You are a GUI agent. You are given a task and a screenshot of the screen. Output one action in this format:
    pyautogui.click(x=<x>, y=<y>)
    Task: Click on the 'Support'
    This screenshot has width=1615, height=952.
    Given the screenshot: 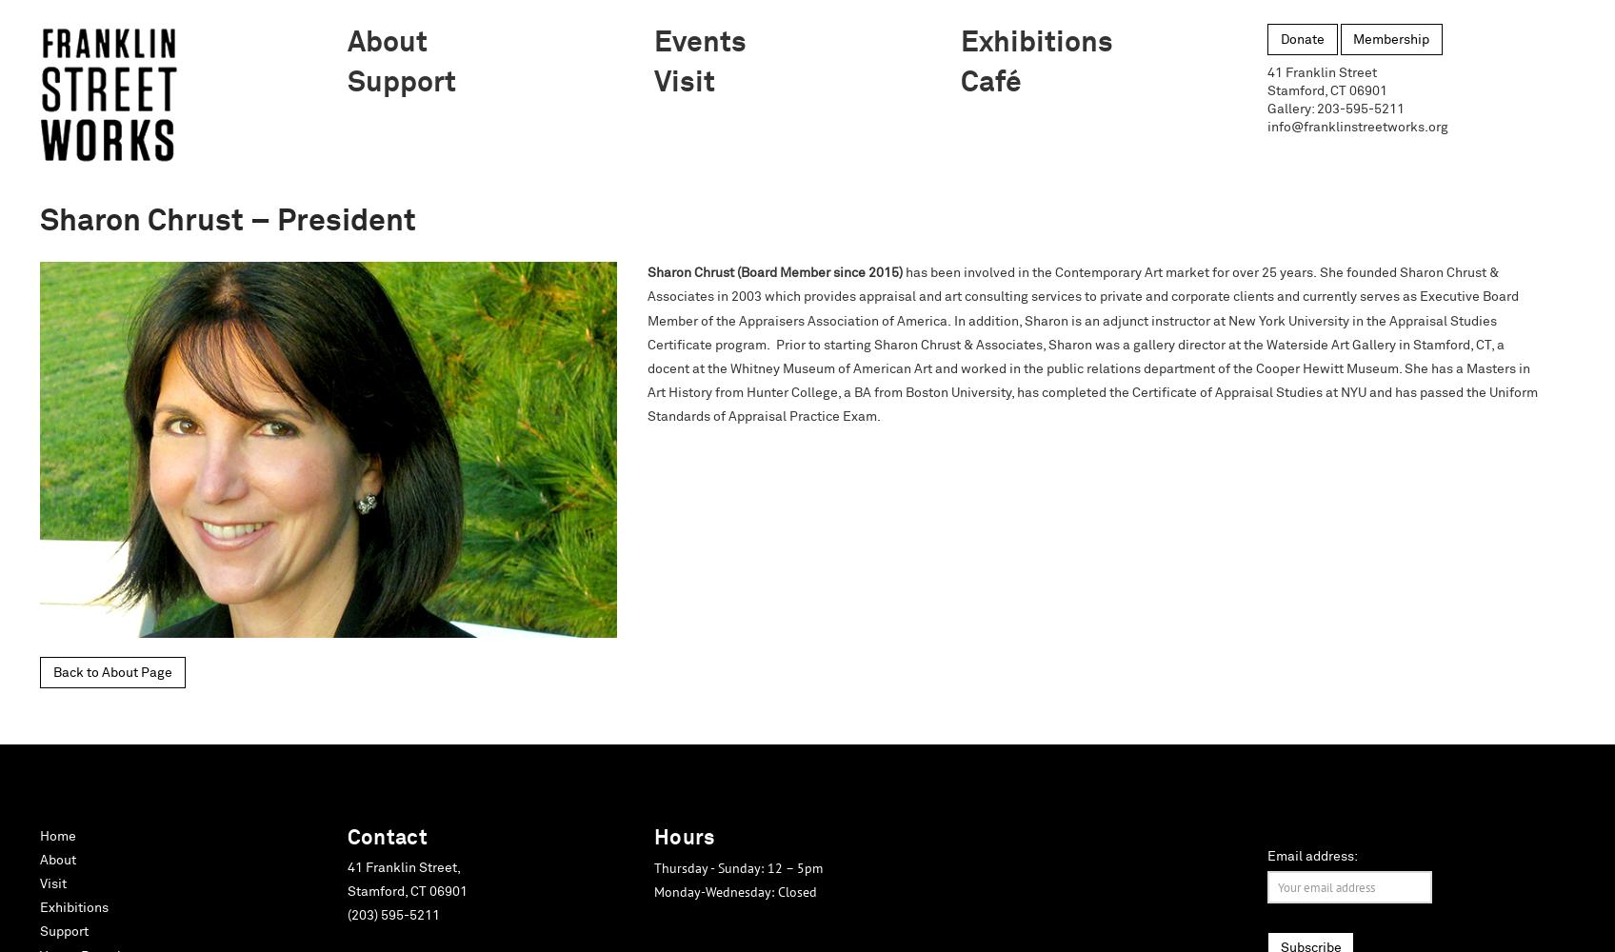 What is the action you would take?
    pyautogui.click(x=64, y=931)
    